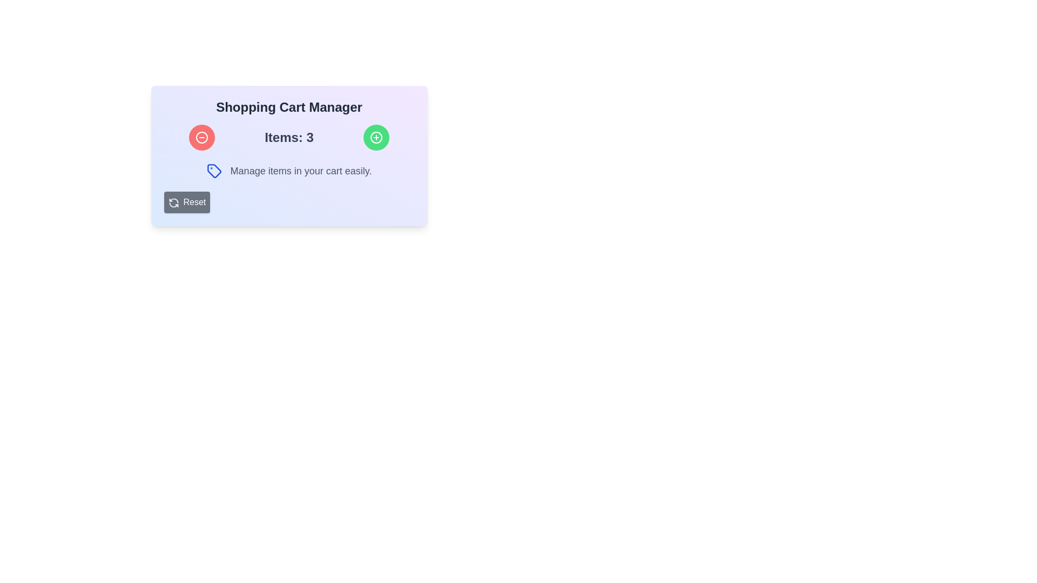 The image size is (1037, 583). I want to click on the circular green button with a plus sign icon located in the right section of the card interface, so click(376, 137).